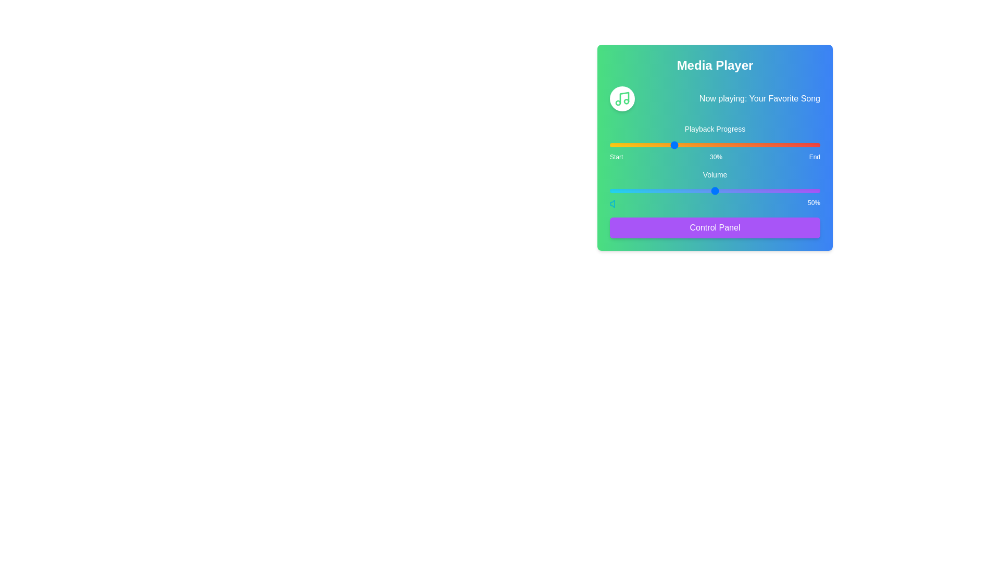  I want to click on the playback progress to 32% by interacting with the slider, so click(677, 145).